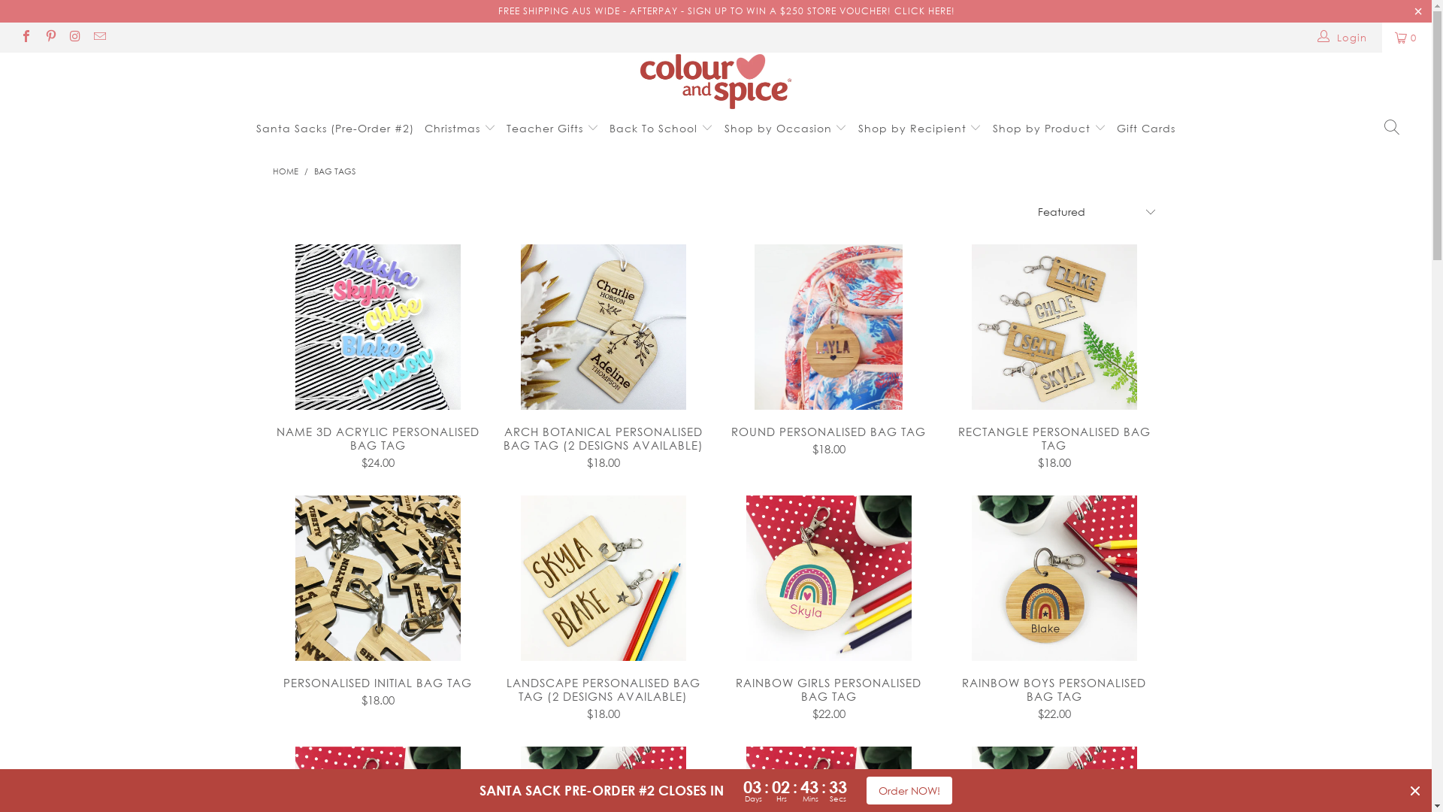 Image resolution: width=1443 pixels, height=812 pixels. What do you see at coordinates (334, 170) in the screenshot?
I see `'BAG TAGS'` at bounding box center [334, 170].